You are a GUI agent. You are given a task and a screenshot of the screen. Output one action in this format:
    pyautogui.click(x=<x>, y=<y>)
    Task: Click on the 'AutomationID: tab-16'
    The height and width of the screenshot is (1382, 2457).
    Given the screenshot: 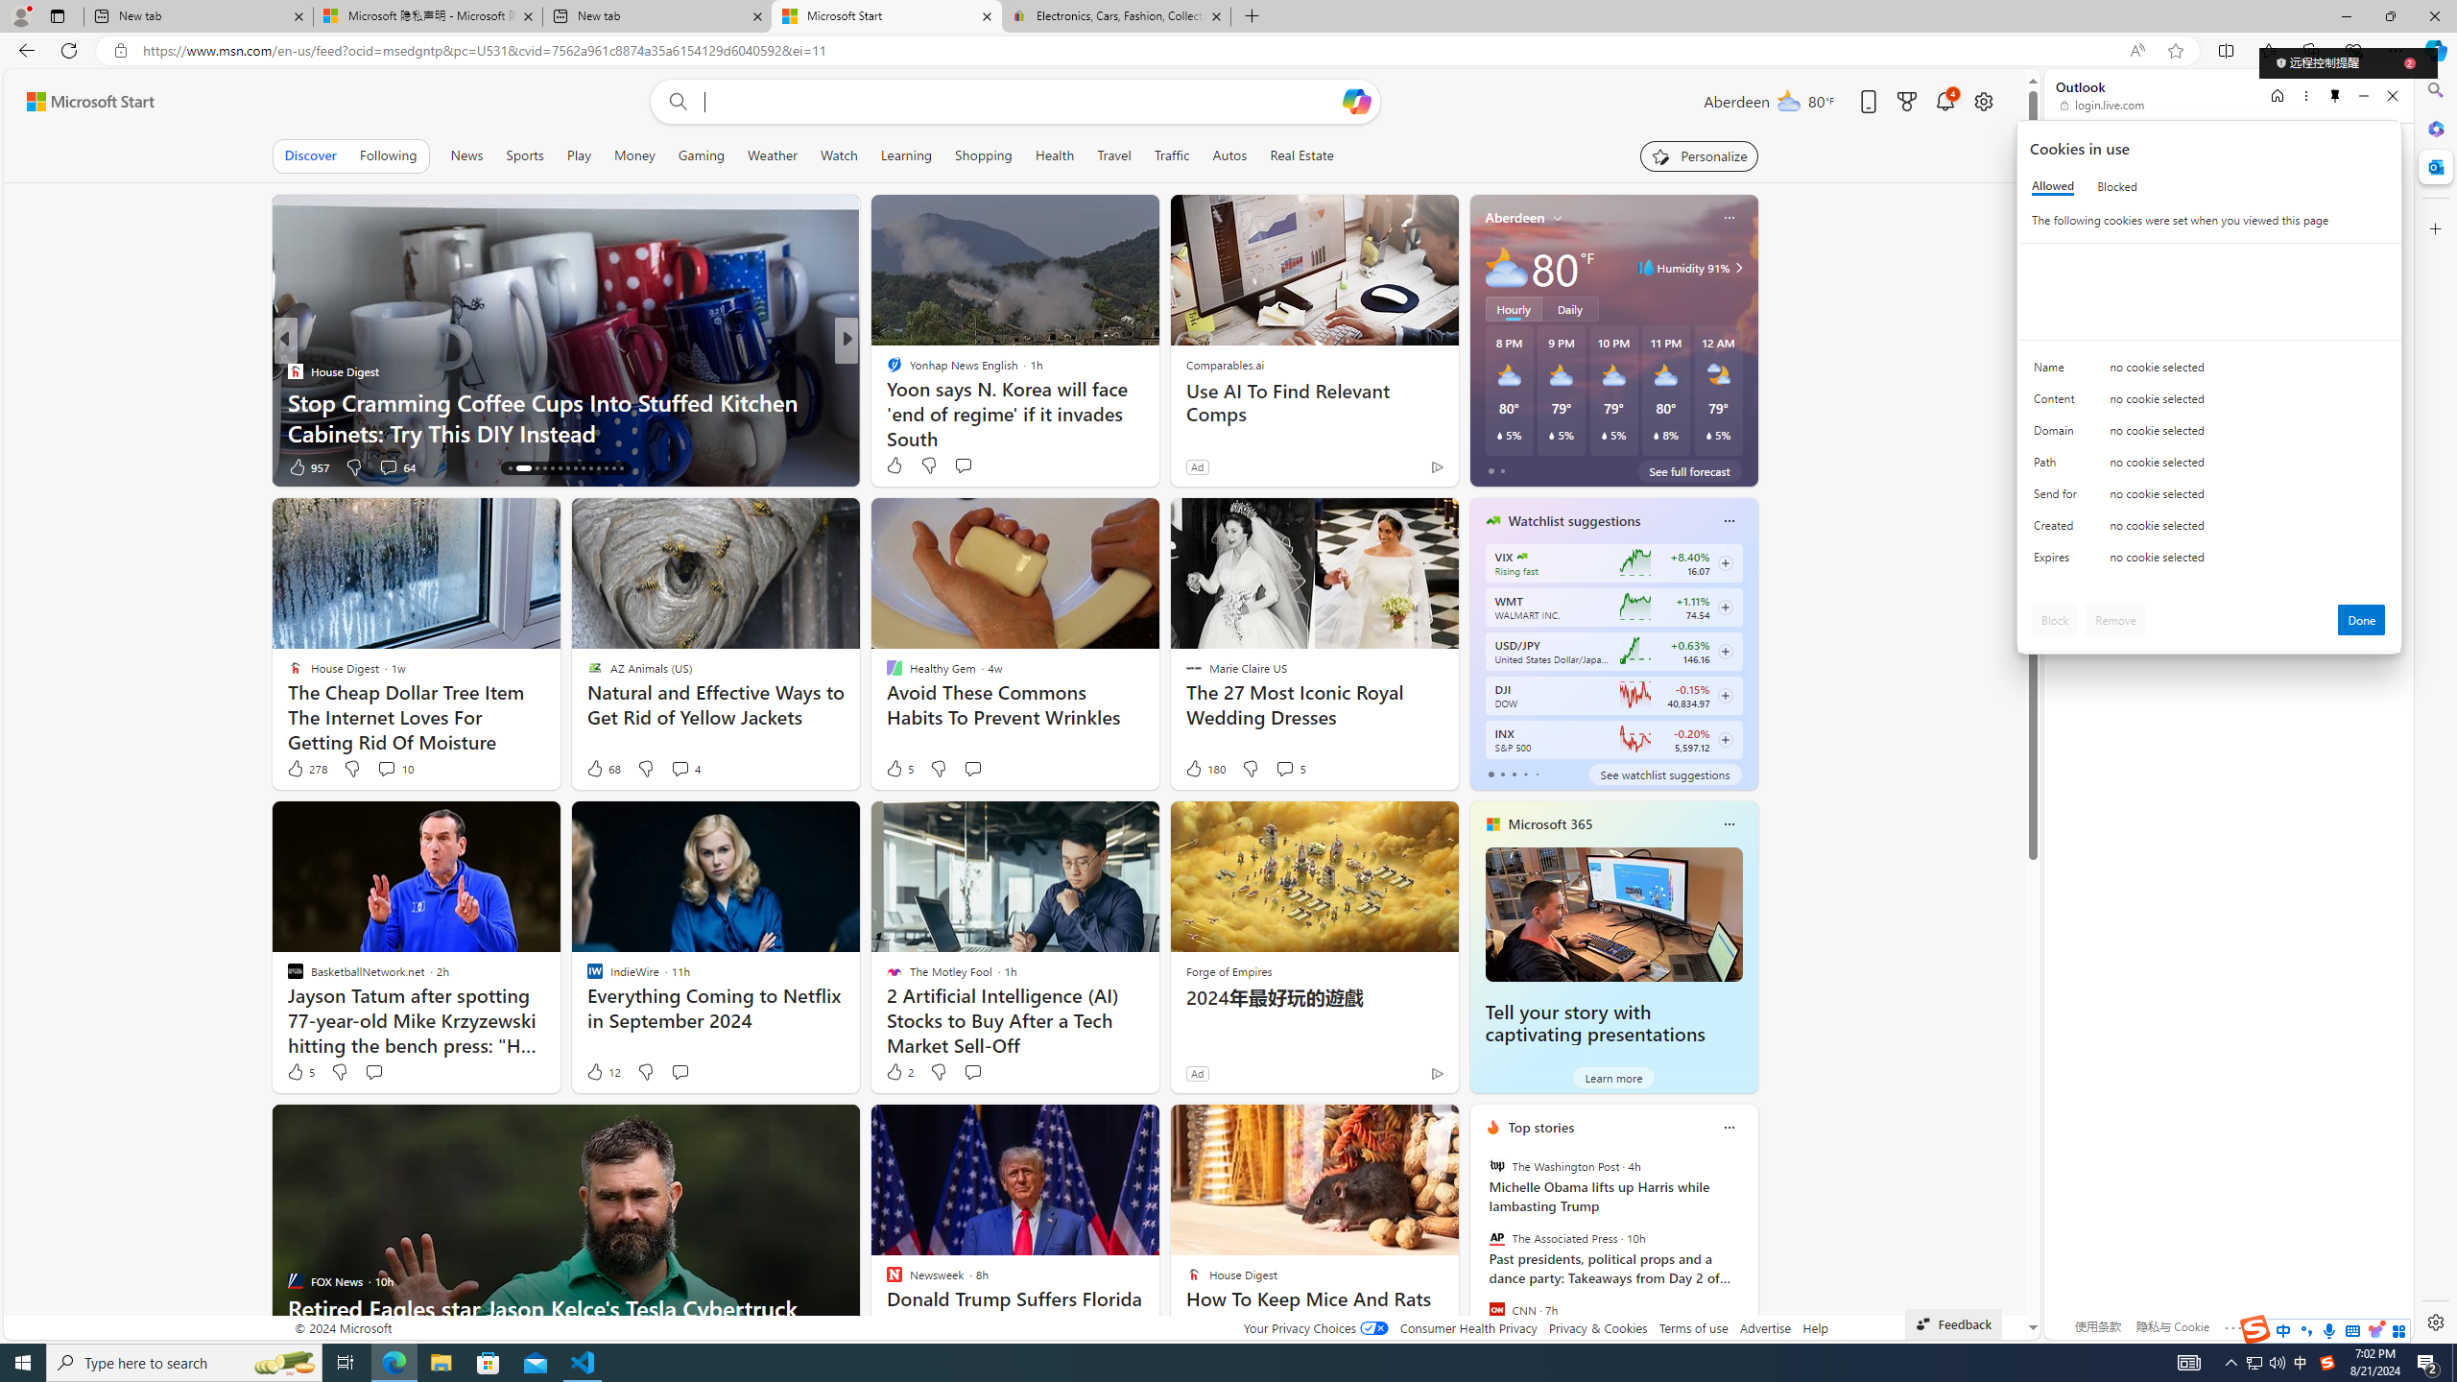 What is the action you would take?
    pyautogui.click(x=523, y=467)
    